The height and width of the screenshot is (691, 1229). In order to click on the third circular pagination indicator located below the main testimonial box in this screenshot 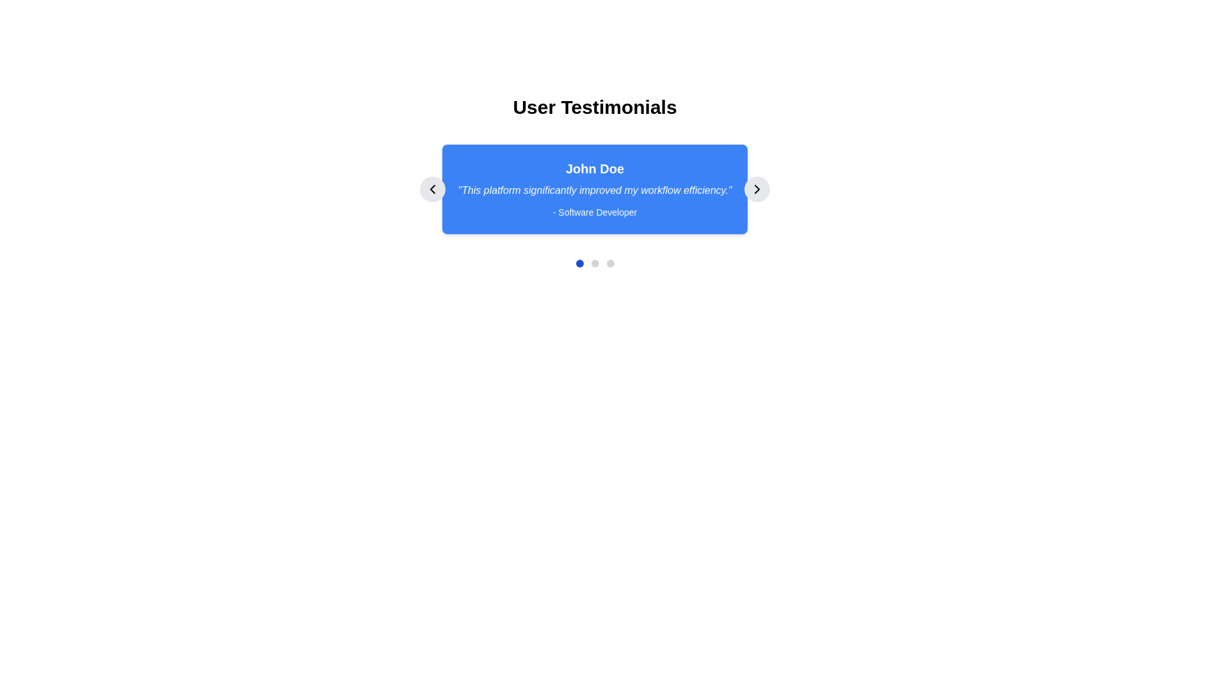, I will do `click(609, 263)`.